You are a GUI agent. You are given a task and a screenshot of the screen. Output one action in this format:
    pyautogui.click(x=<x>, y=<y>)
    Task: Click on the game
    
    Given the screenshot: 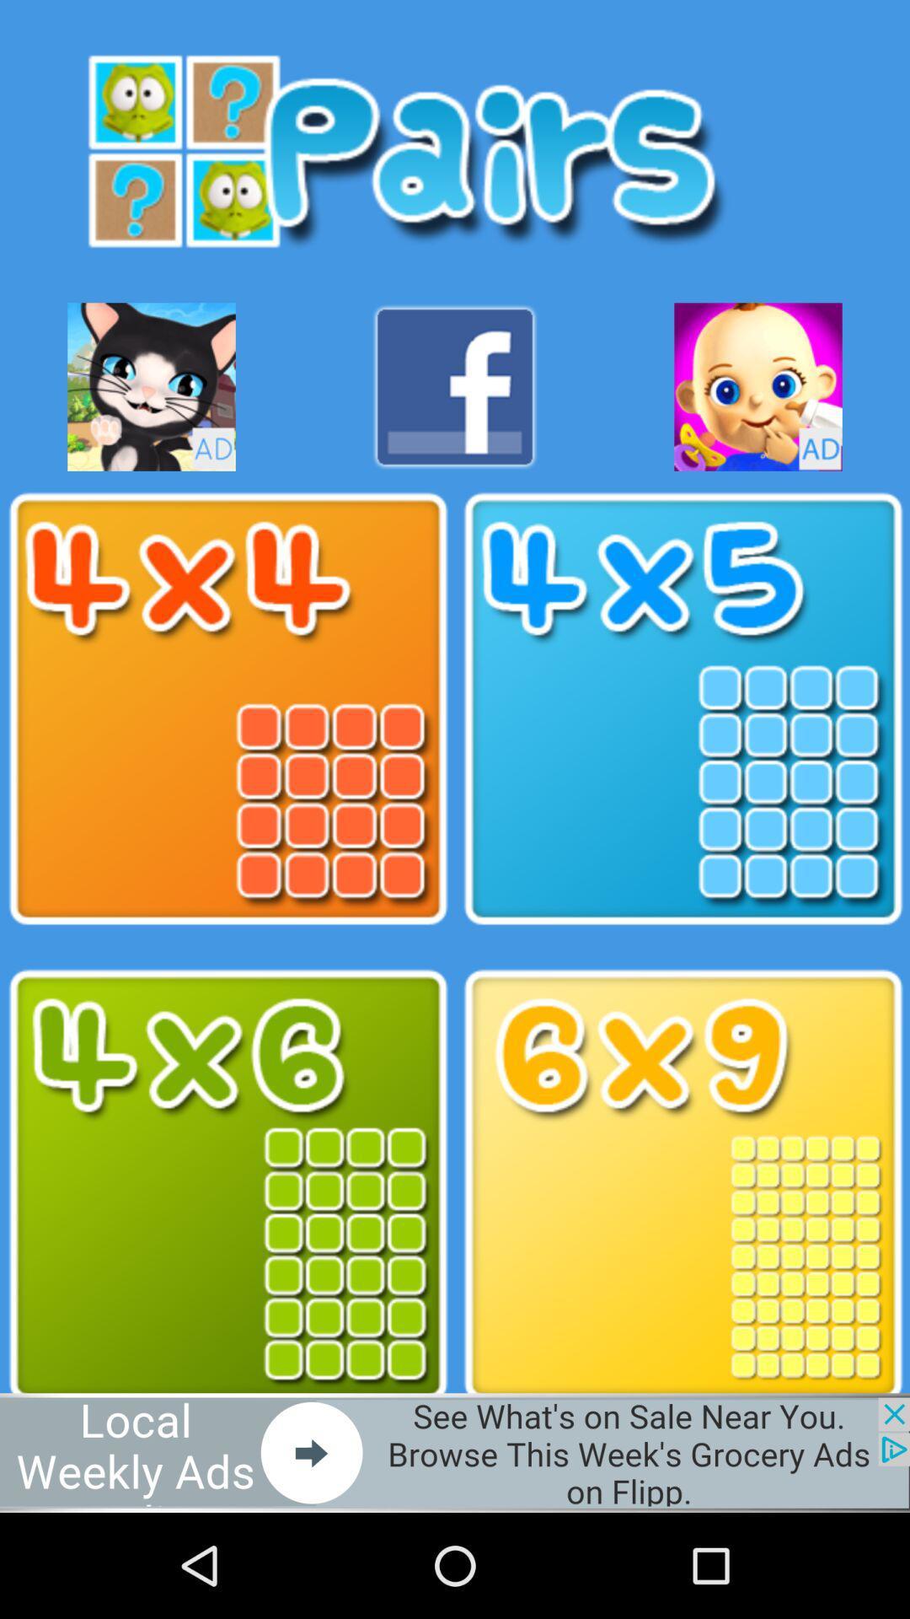 What is the action you would take?
    pyautogui.click(x=757, y=386)
    